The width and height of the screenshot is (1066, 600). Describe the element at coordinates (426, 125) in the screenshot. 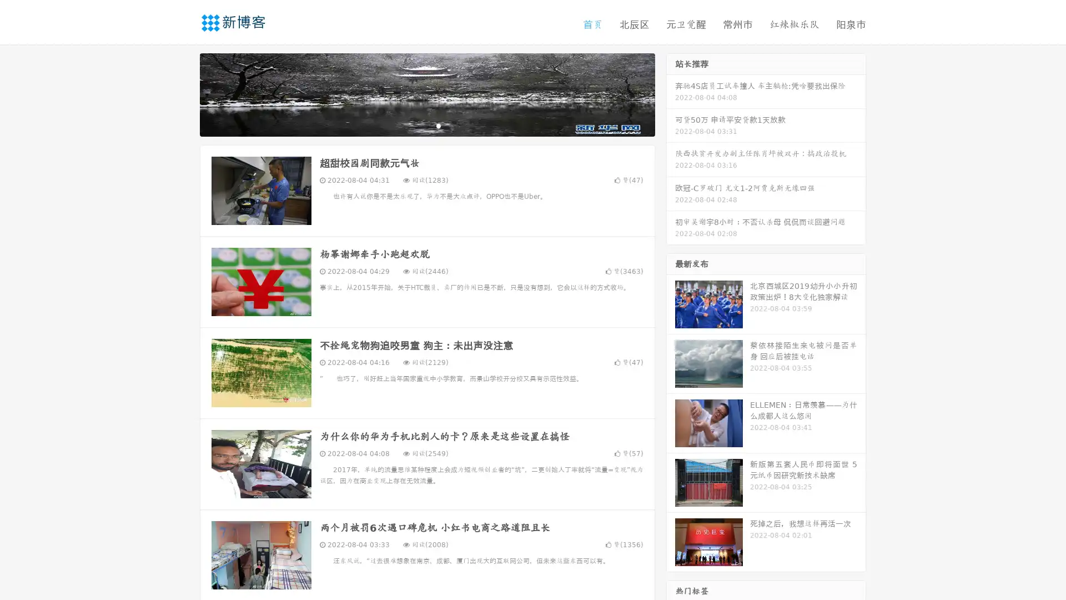

I see `Go to slide 2` at that location.